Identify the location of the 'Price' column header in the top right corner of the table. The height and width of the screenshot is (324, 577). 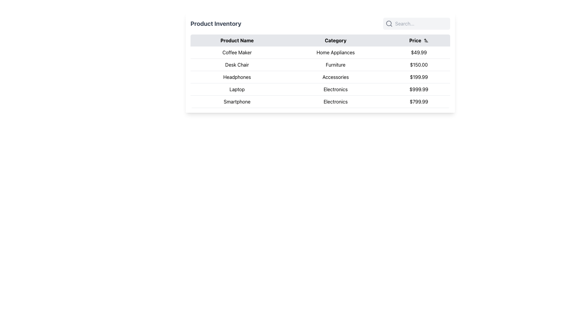
(418, 40).